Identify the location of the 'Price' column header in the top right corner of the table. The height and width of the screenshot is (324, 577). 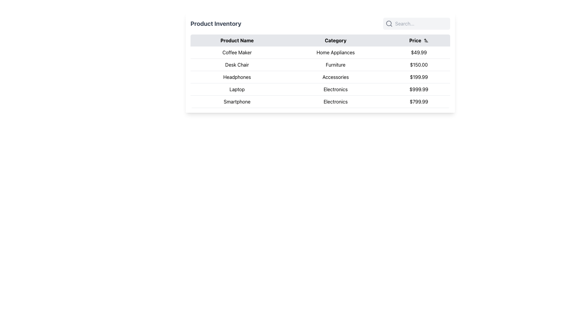
(418, 40).